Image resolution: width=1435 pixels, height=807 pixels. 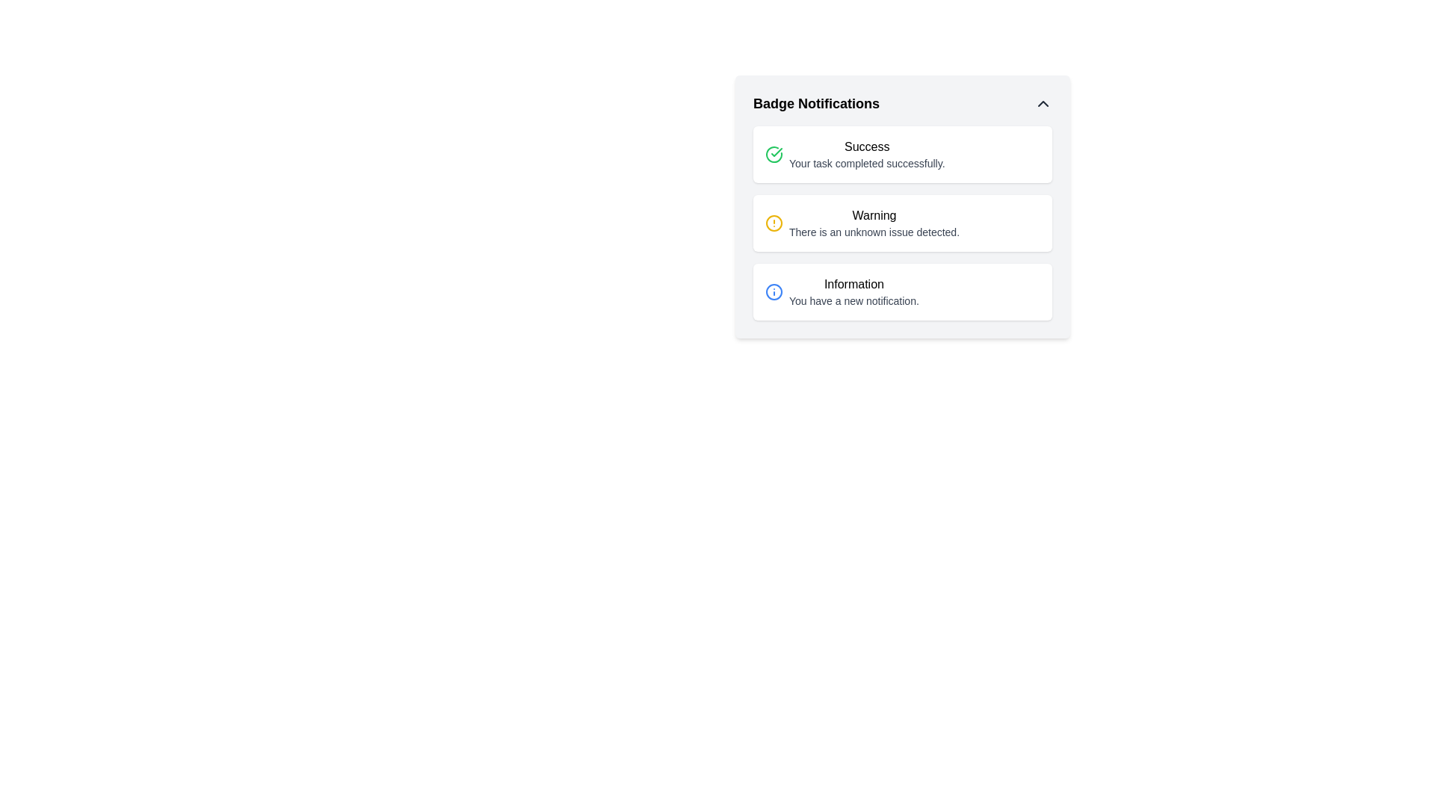 I want to click on the upward-pointing chevron icon next to the 'Badge Notifications' text, so click(x=1043, y=102).